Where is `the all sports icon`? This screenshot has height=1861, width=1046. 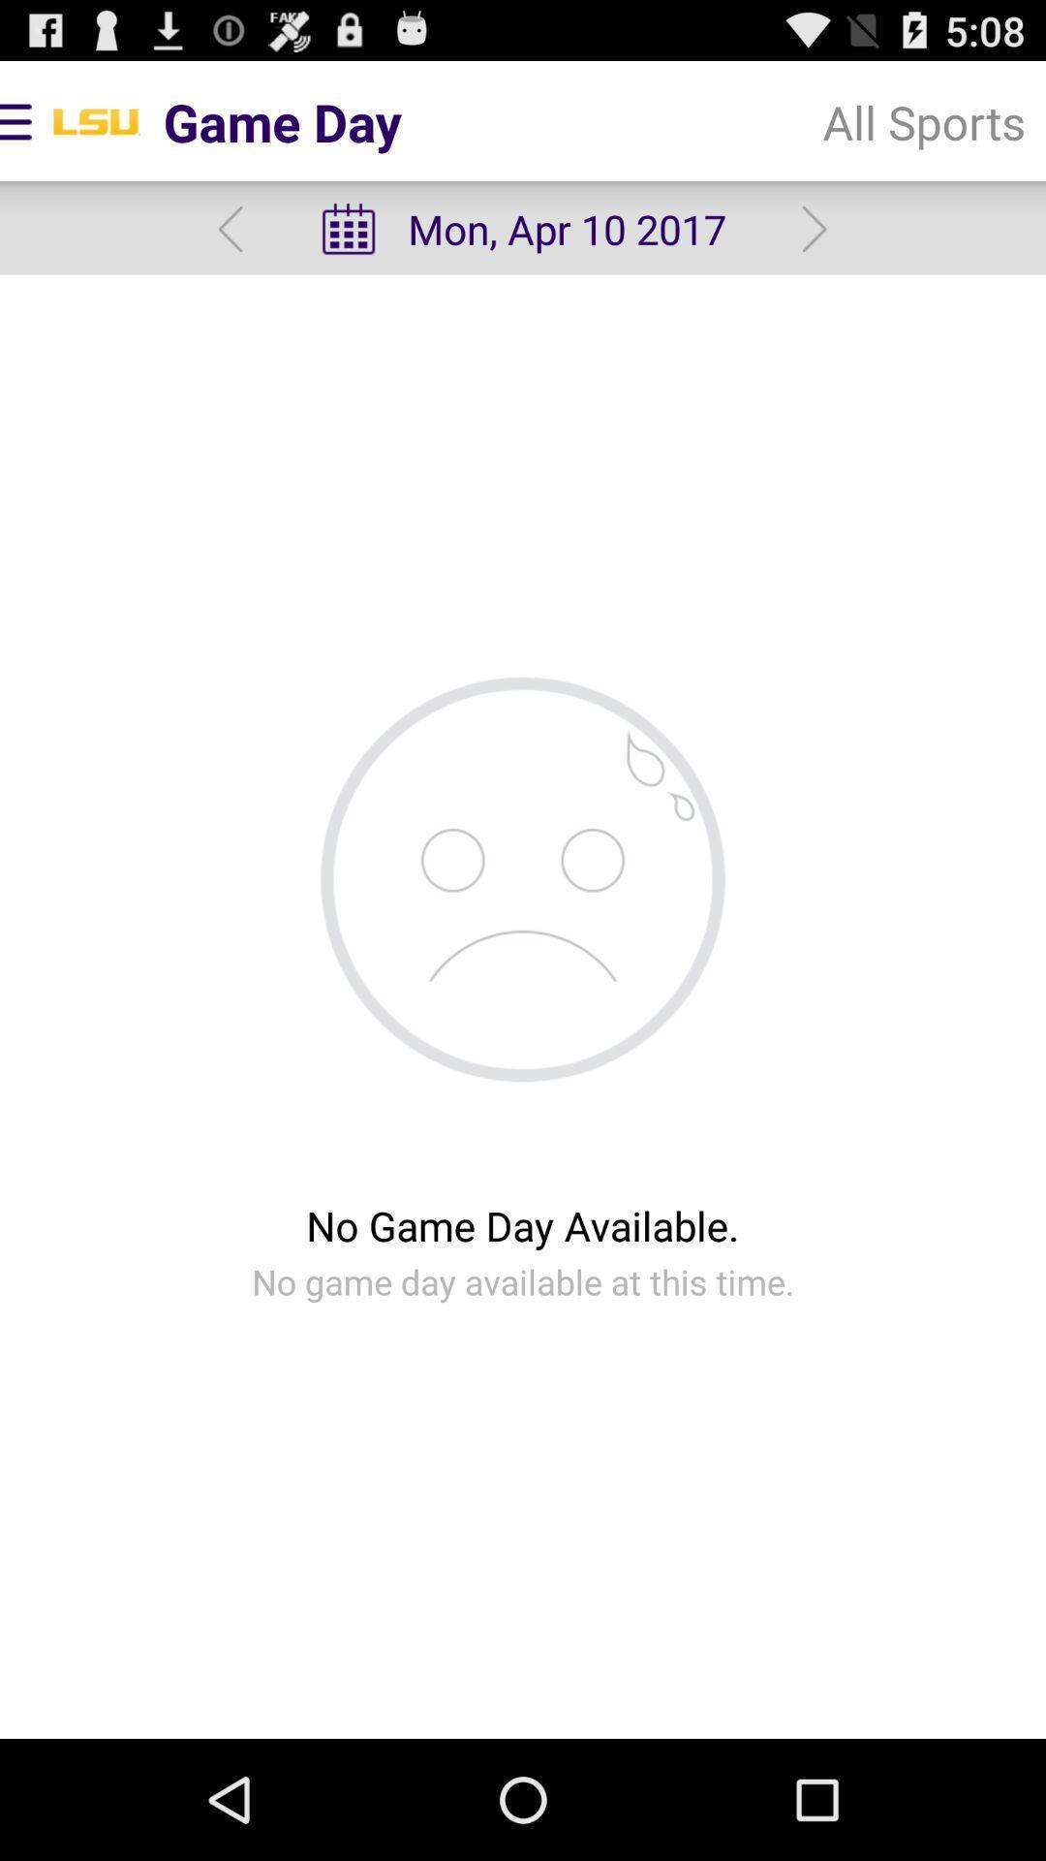
the all sports icon is located at coordinates (923, 120).